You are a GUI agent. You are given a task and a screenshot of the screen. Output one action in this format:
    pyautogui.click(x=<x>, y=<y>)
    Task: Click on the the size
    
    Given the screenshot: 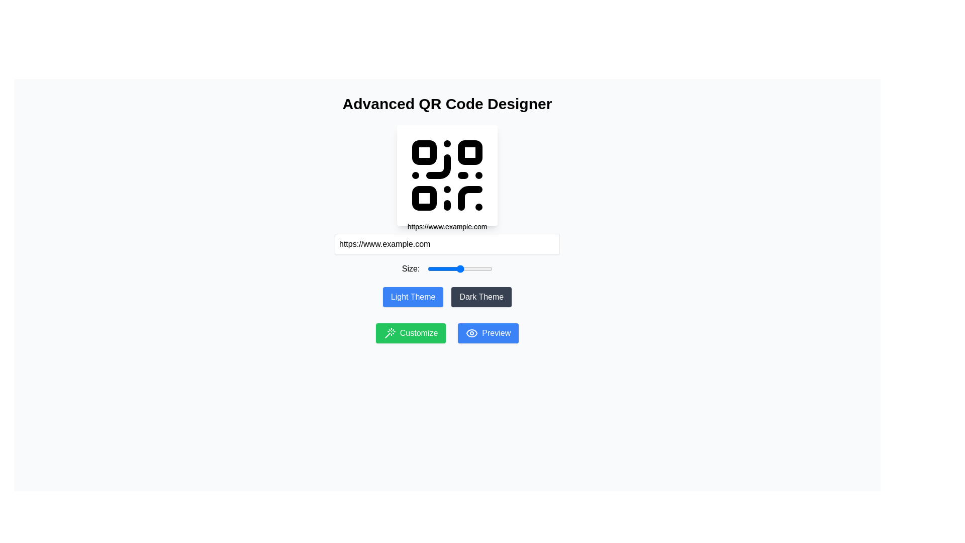 What is the action you would take?
    pyautogui.click(x=473, y=268)
    